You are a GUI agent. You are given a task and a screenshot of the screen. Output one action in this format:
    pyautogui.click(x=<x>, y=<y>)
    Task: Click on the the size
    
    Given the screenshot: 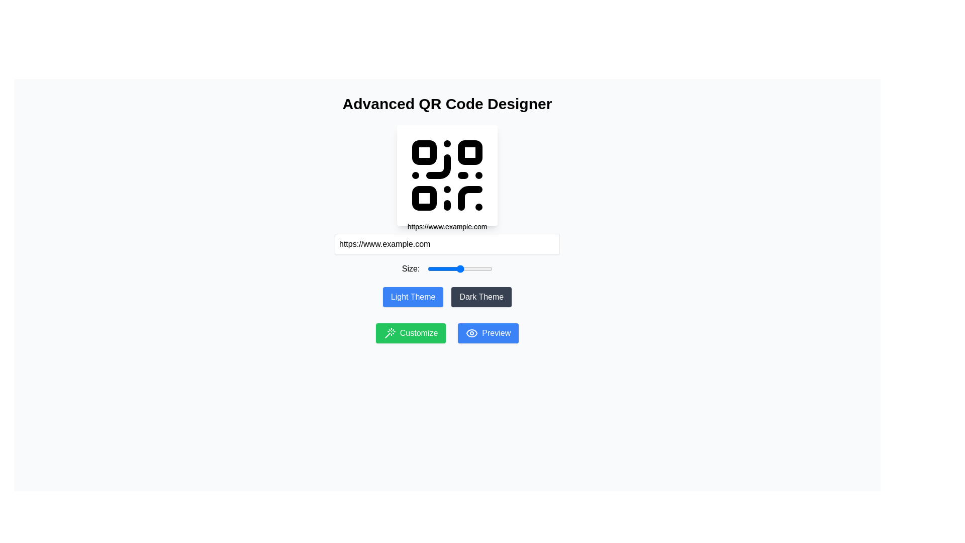 What is the action you would take?
    pyautogui.click(x=473, y=268)
    